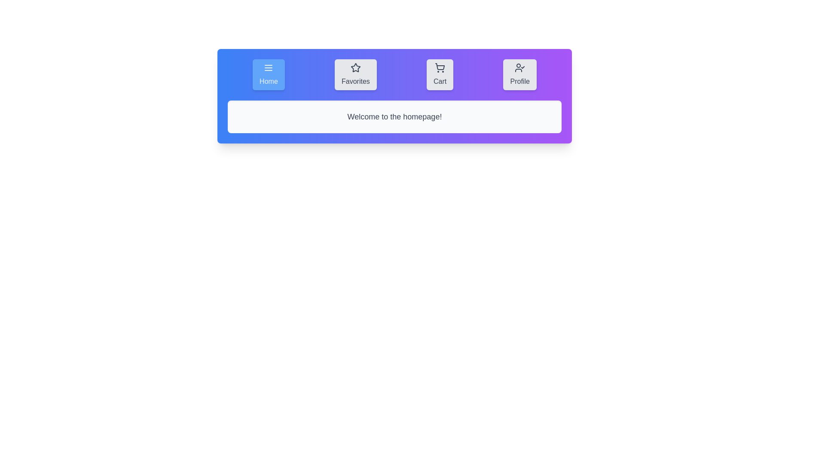  What do you see at coordinates (519, 74) in the screenshot?
I see `the 'Profile' button located at the far right of the navigation bar` at bounding box center [519, 74].